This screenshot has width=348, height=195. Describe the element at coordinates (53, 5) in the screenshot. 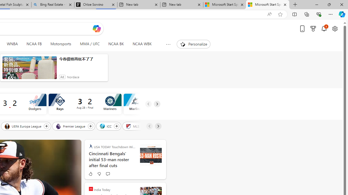

I see `'Bing Real Estate - Home sales and rental listings'` at that location.